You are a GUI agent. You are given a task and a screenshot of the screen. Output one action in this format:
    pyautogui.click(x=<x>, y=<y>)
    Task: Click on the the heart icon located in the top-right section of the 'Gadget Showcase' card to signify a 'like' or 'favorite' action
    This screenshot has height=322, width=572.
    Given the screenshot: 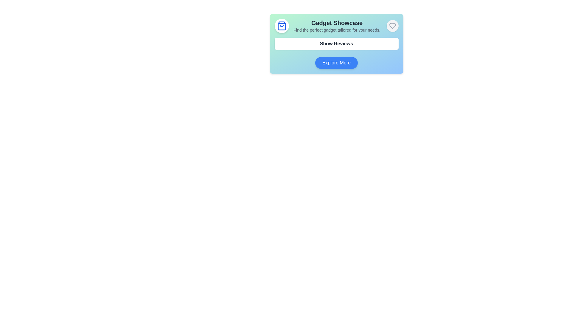 What is the action you would take?
    pyautogui.click(x=392, y=26)
    